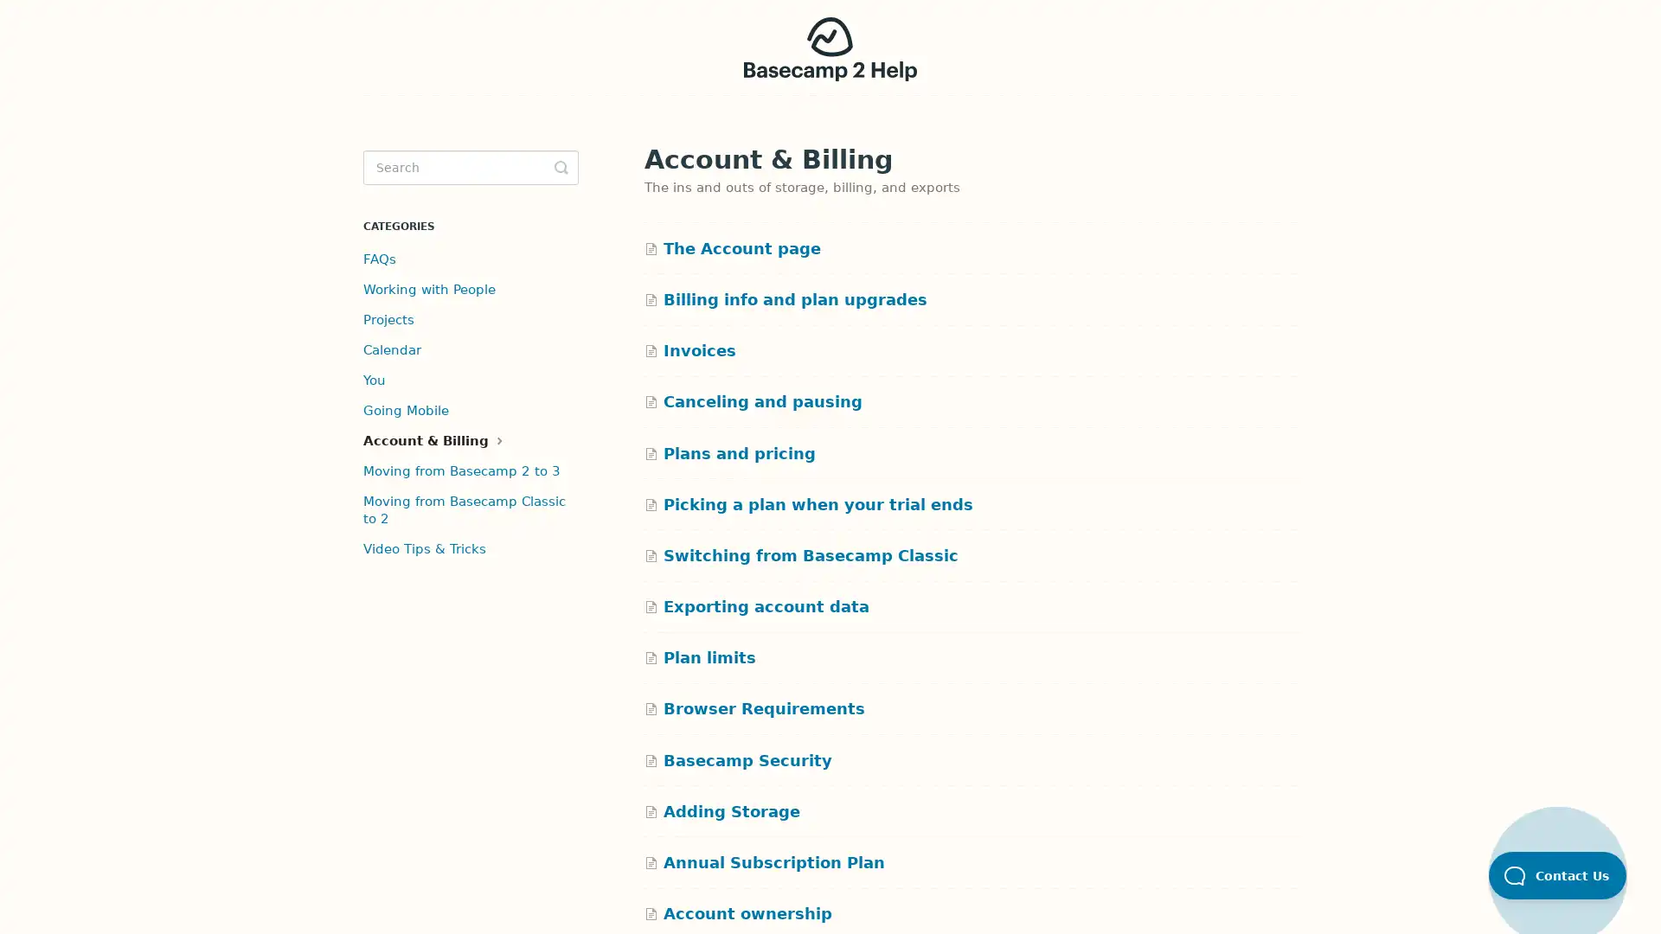 The image size is (1661, 934). Describe the element at coordinates (561, 167) in the screenshot. I see `Toggle Search` at that location.